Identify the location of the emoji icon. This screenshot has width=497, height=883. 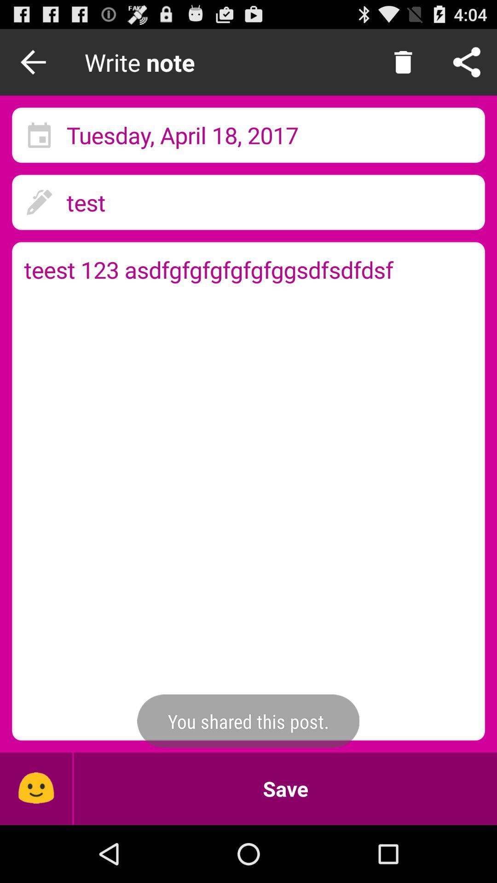
(35, 844).